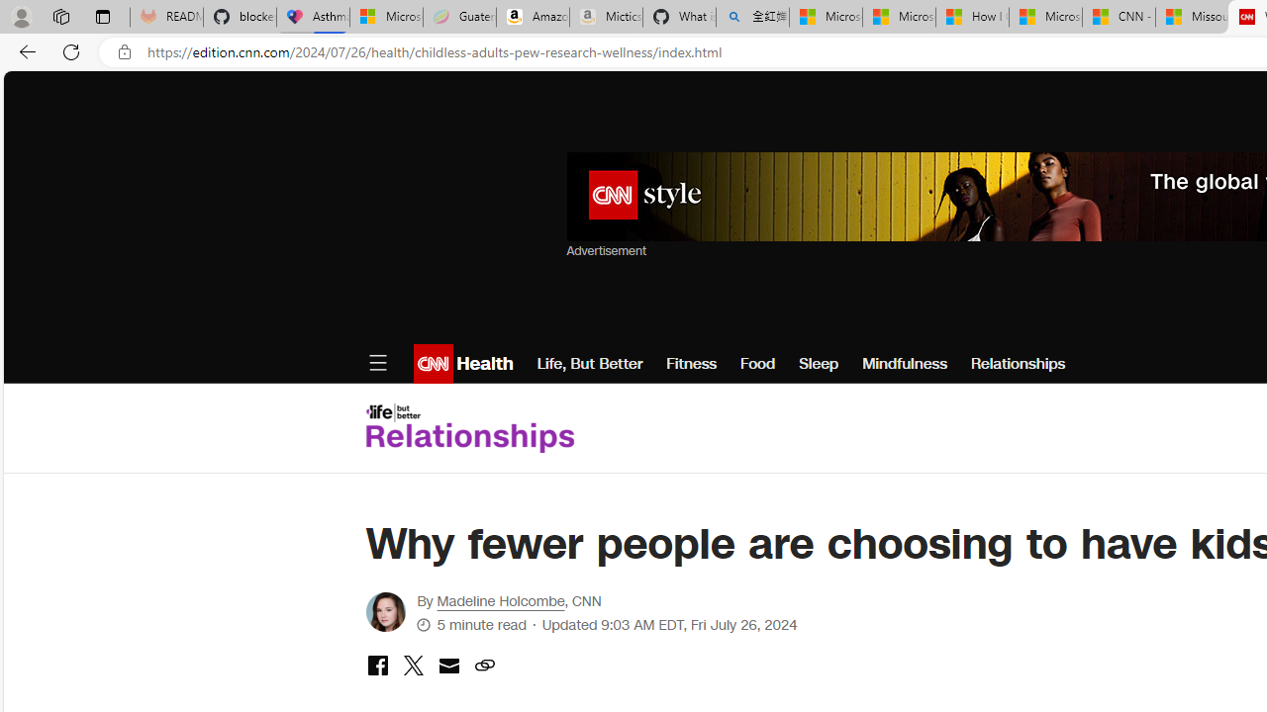 The height and width of the screenshot is (712, 1267). I want to click on 'Fitness', so click(691, 363).